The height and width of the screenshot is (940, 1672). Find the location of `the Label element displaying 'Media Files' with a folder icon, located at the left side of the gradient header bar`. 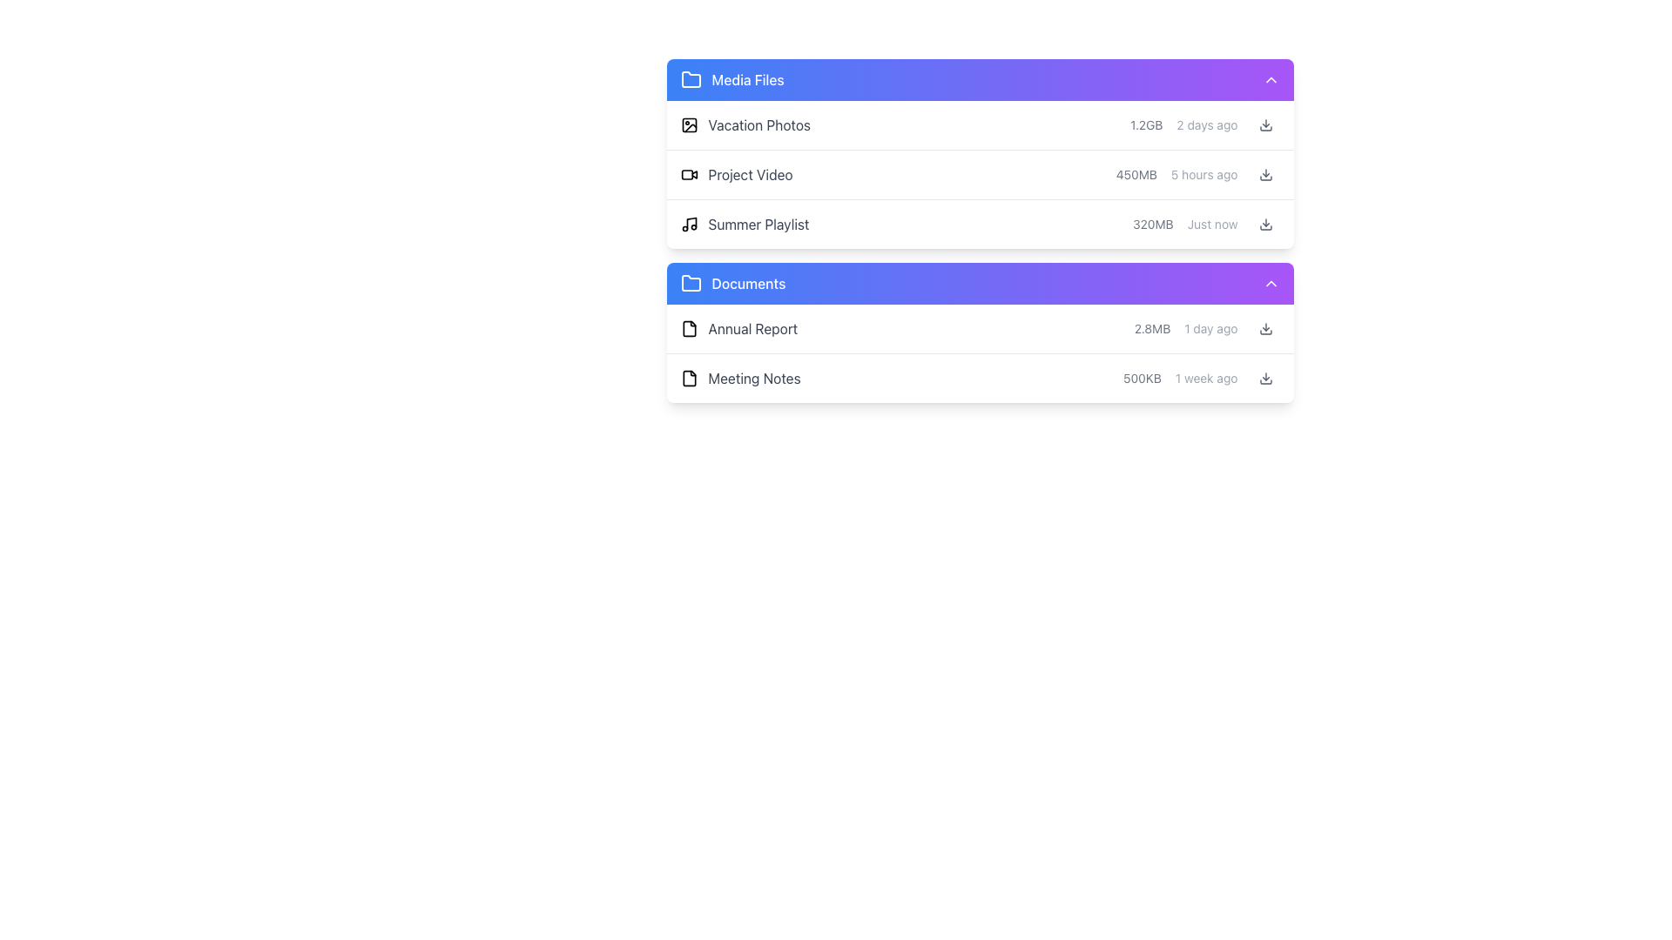

the Label element displaying 'Media Files' with a folder icon, located at the left side of the gradient header bar is located at coordinates (732, 80).